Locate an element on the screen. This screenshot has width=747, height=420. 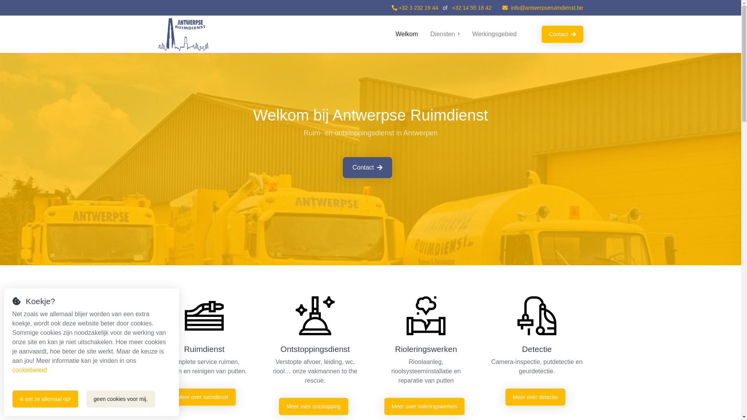
'Diensten' is located at coordinates (445, 34).